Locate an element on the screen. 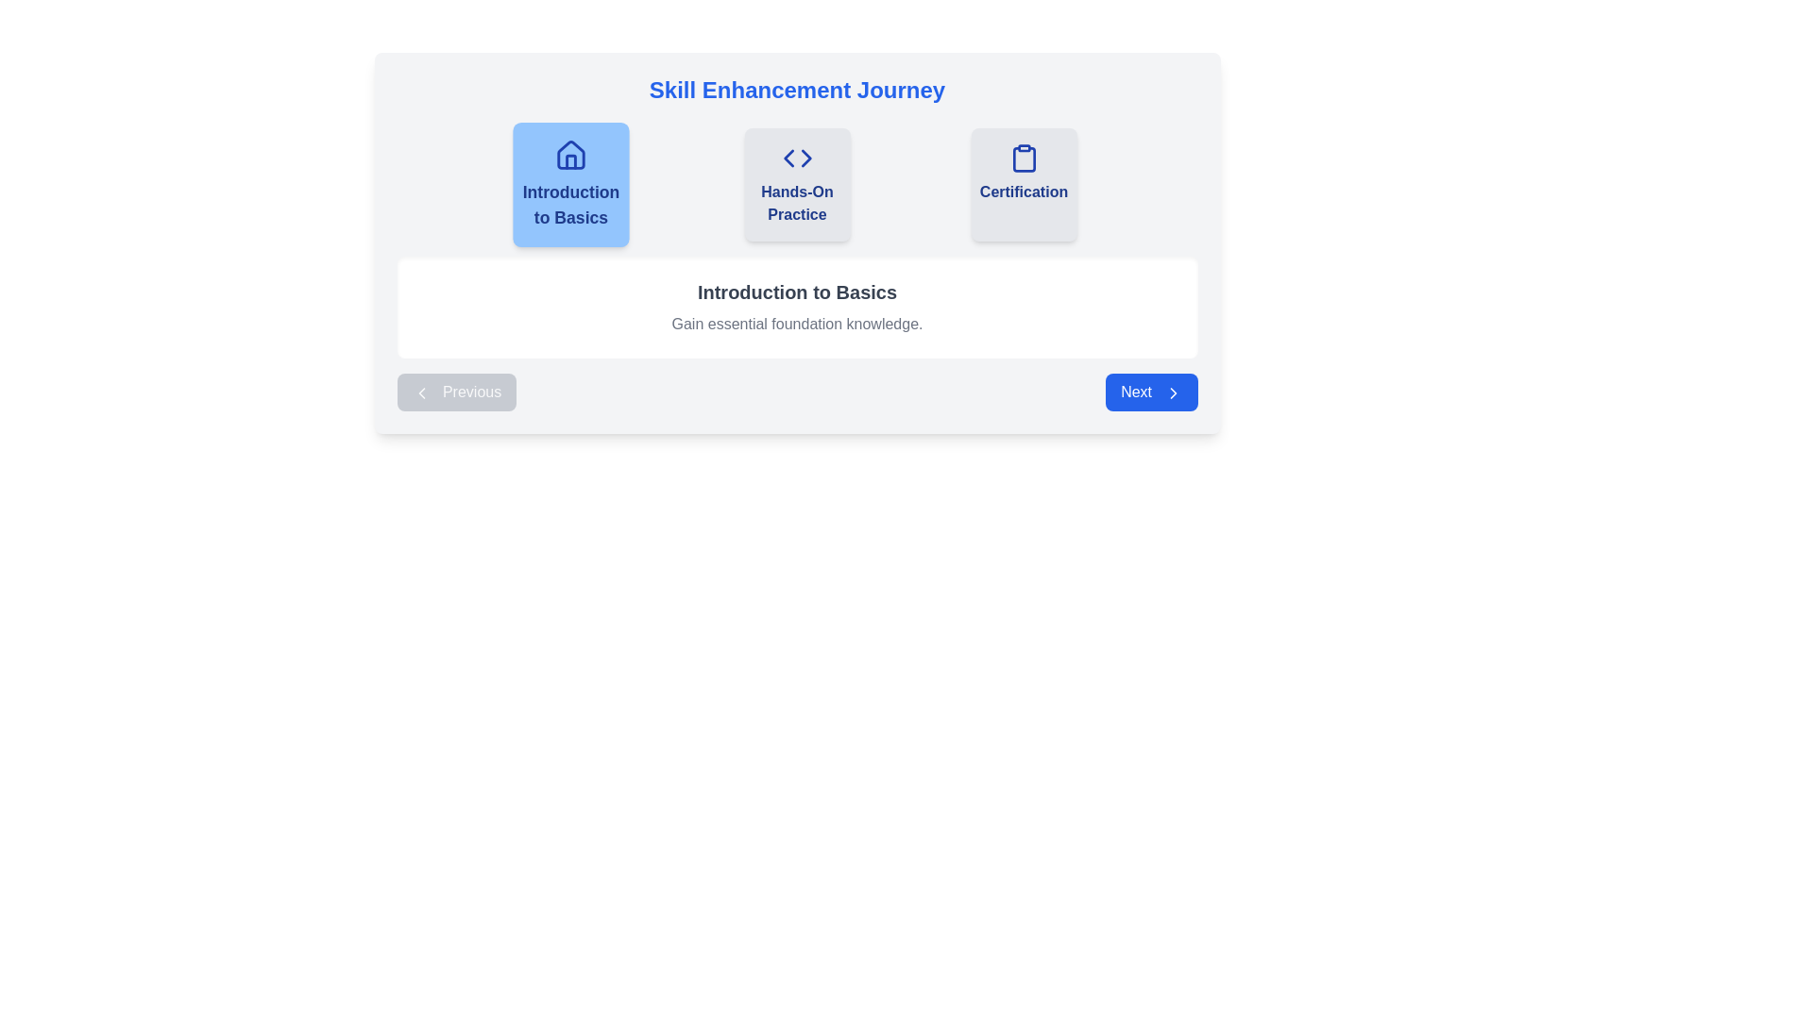 The image size is (1813, 1019). the 'Certification' text label, which is styled in bold blue and located below a clipboard icon within a light gray rounded rectangular box is located at coordinates (1023, 192).